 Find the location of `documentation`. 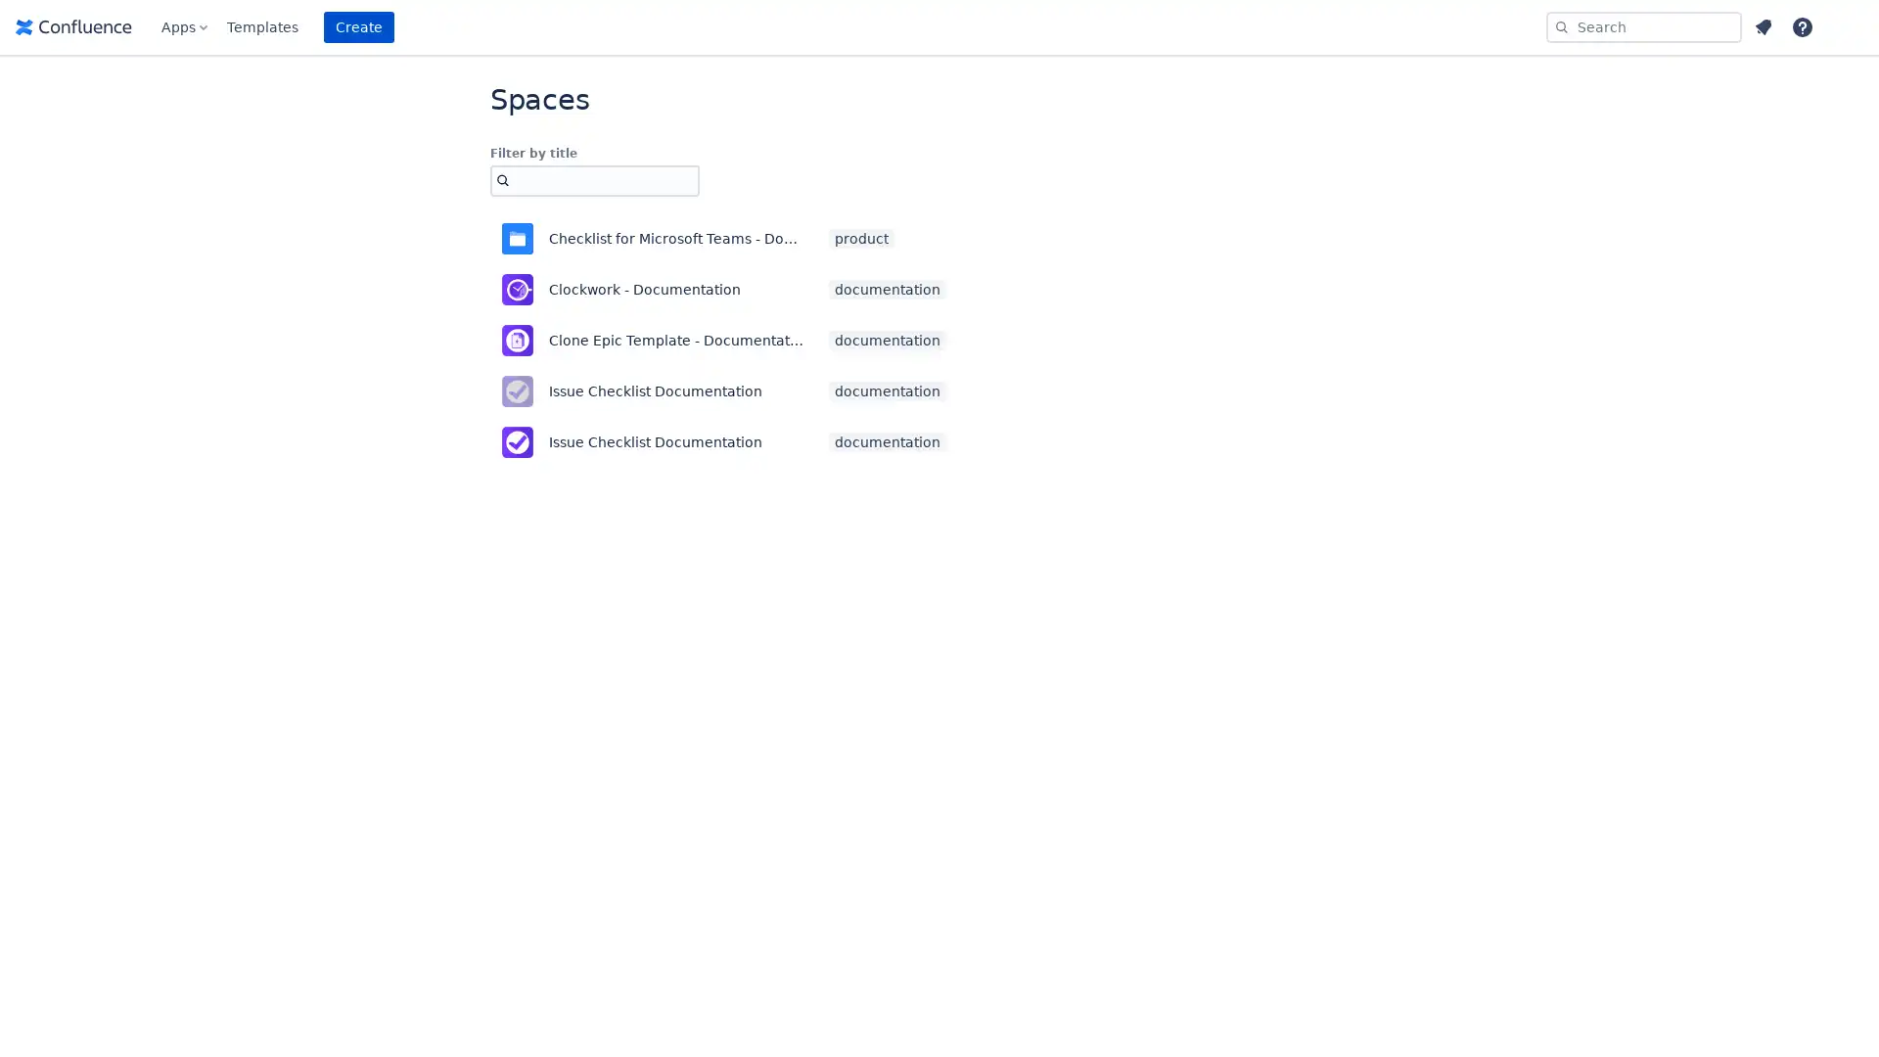

documentation is located at coordinates (887, 339).